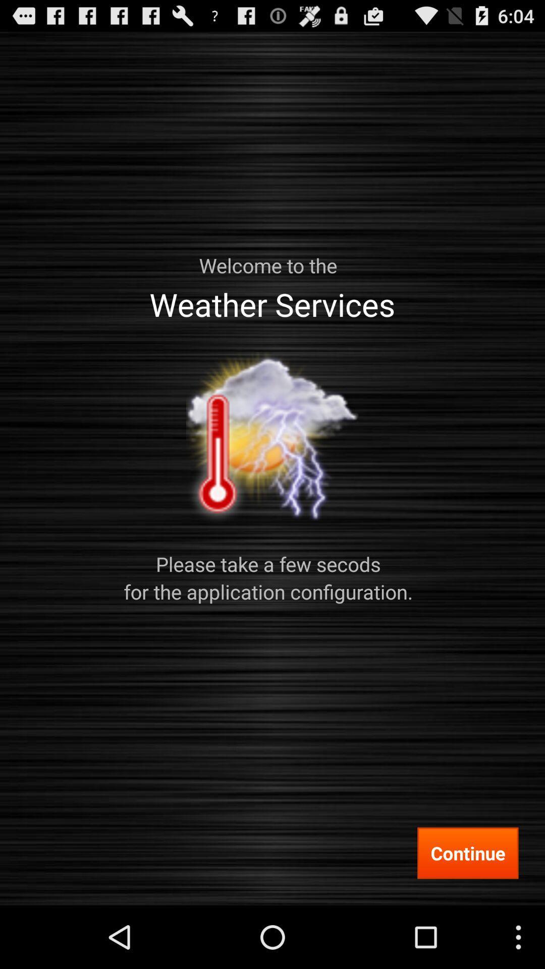  I want to click on the continue at the bottom right corner, so click(468, 852).